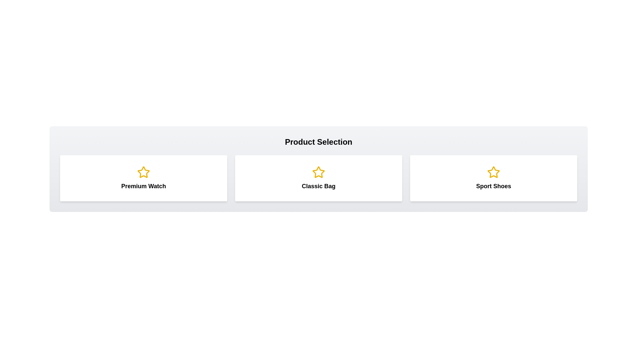 The image size is (634, 356). Describe the element at coordinates (493, 178) in the screenshot. I see `the center of the clickable card labeled 'Sport Shoes', which features a large yellow star icon and is positioned in the far right of the grid layout` at that location.